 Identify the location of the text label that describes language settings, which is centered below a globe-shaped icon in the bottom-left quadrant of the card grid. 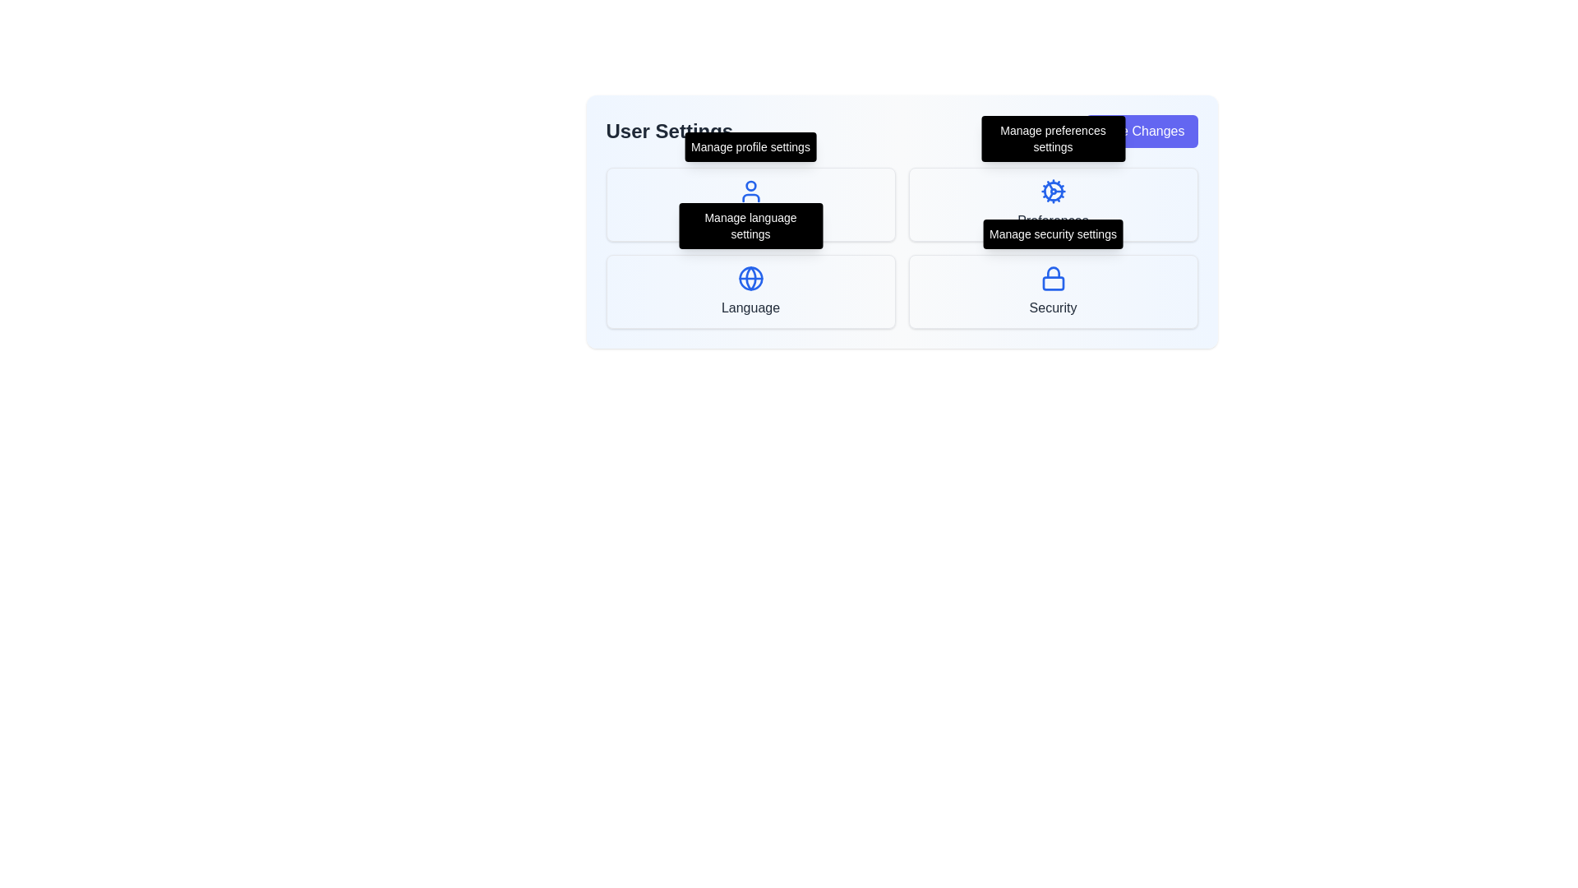
(750, 308).